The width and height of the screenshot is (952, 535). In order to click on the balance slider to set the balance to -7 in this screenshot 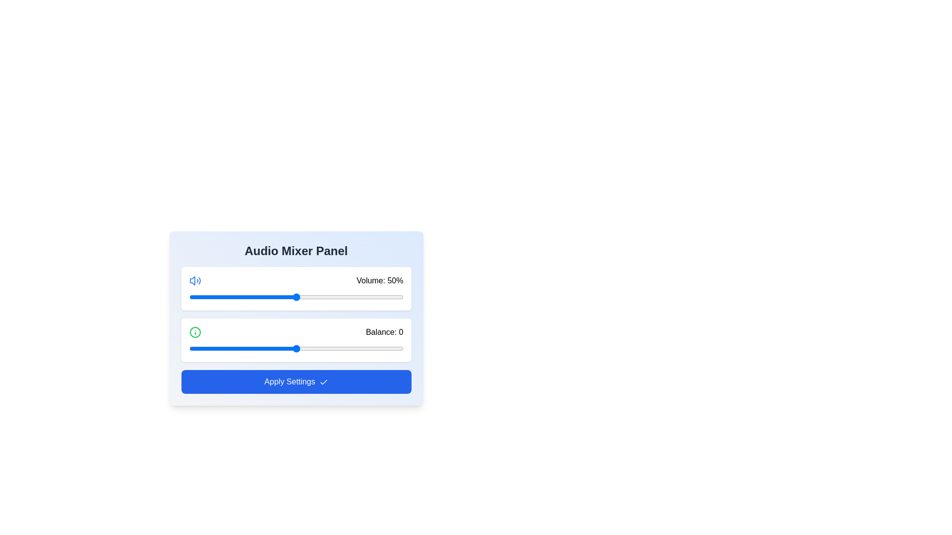, I will do `click(281, 348)`.